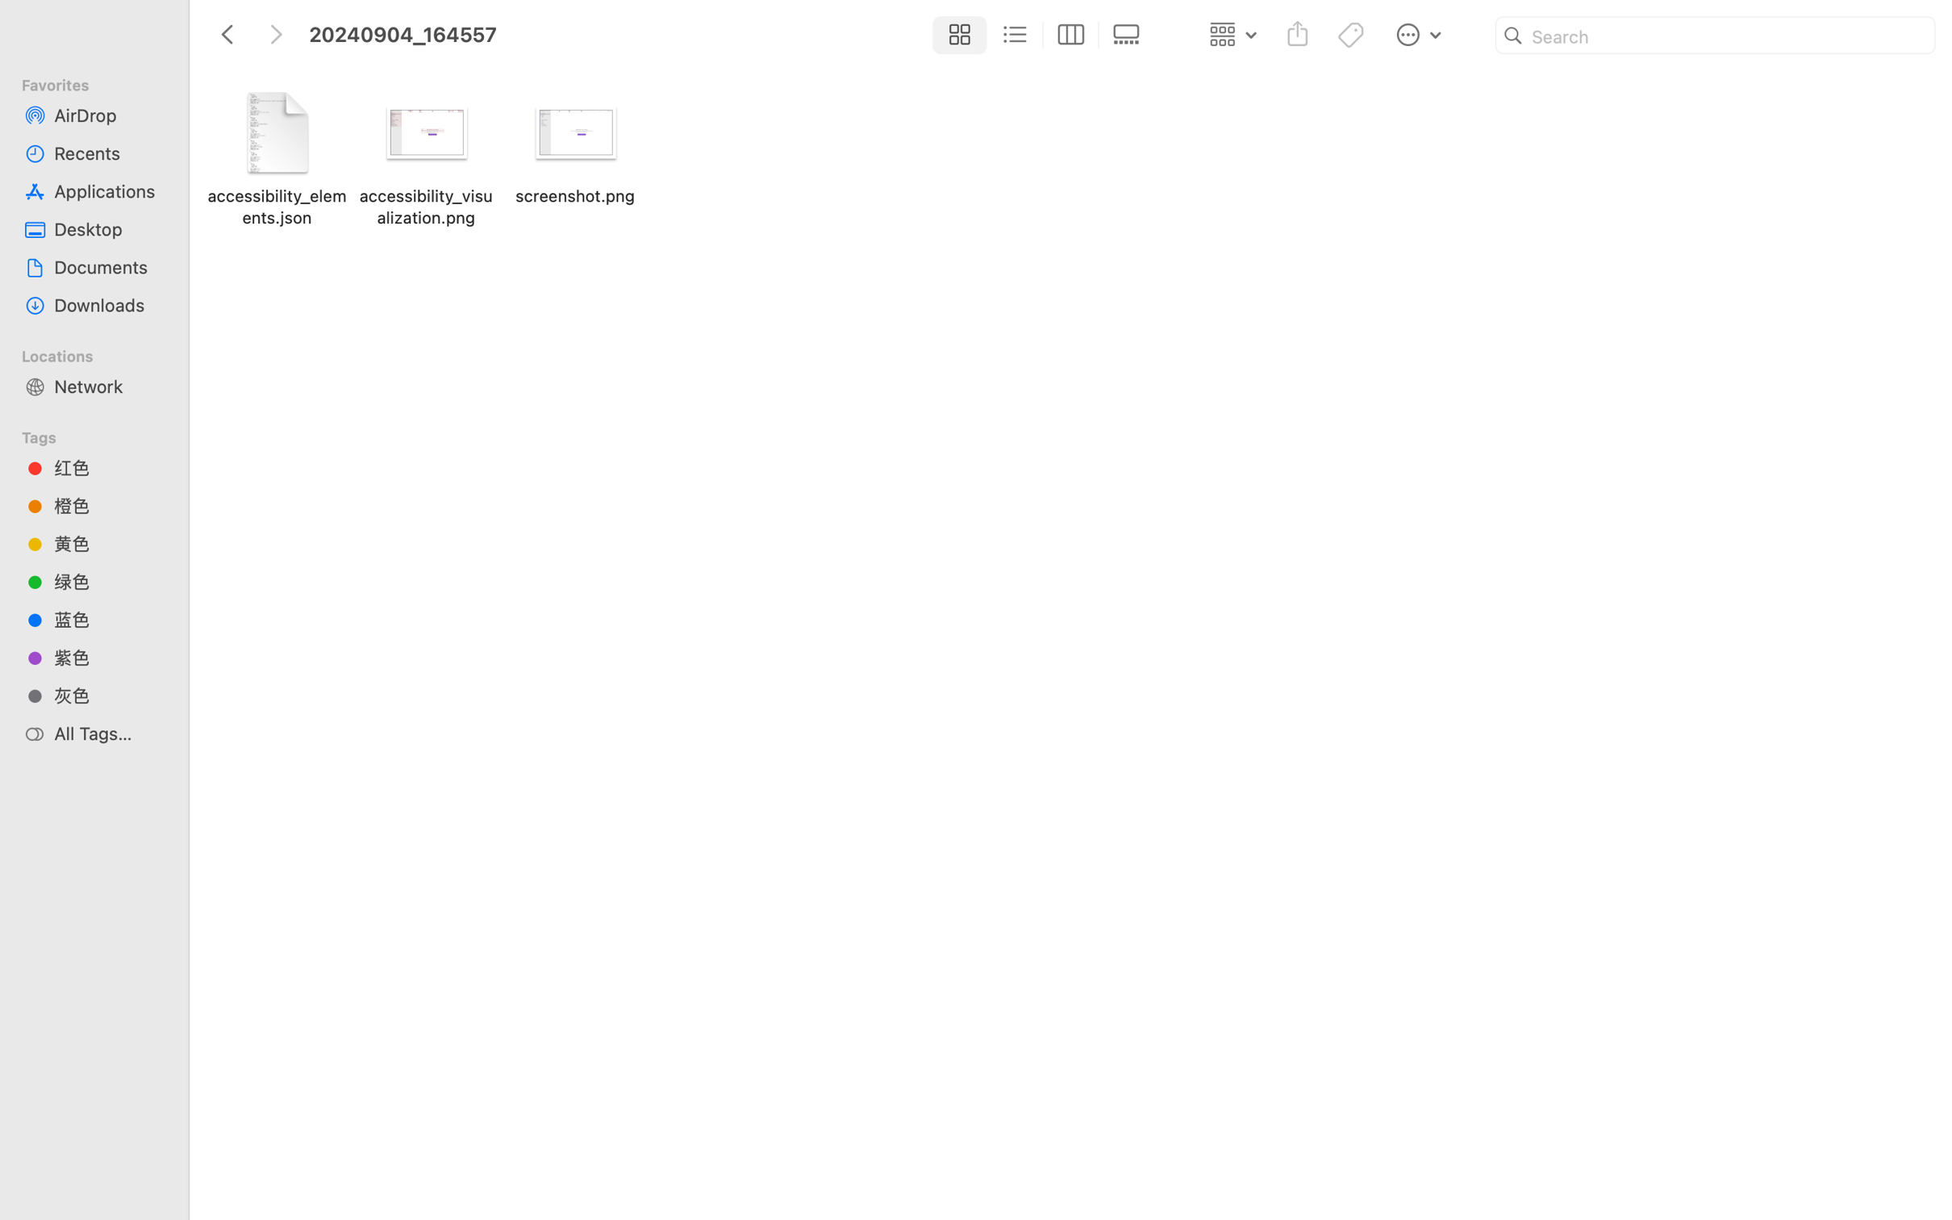  What do you see at coordinates (108, 619) in the screenshot?
I see `'蓝色'` at bounding box center [108, 619].